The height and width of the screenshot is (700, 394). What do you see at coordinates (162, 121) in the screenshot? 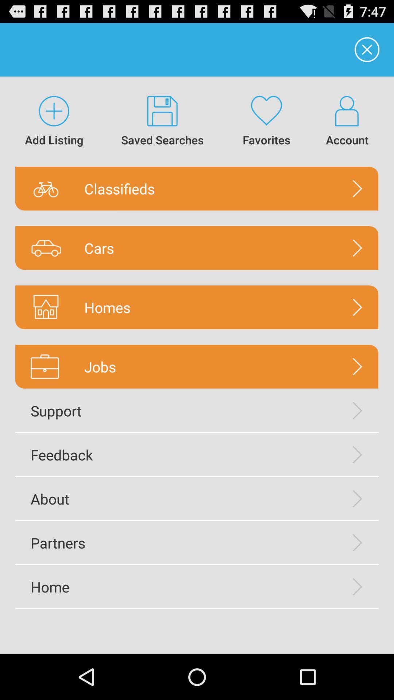
I see `saved searches icon` at bounding box center [162, 121].